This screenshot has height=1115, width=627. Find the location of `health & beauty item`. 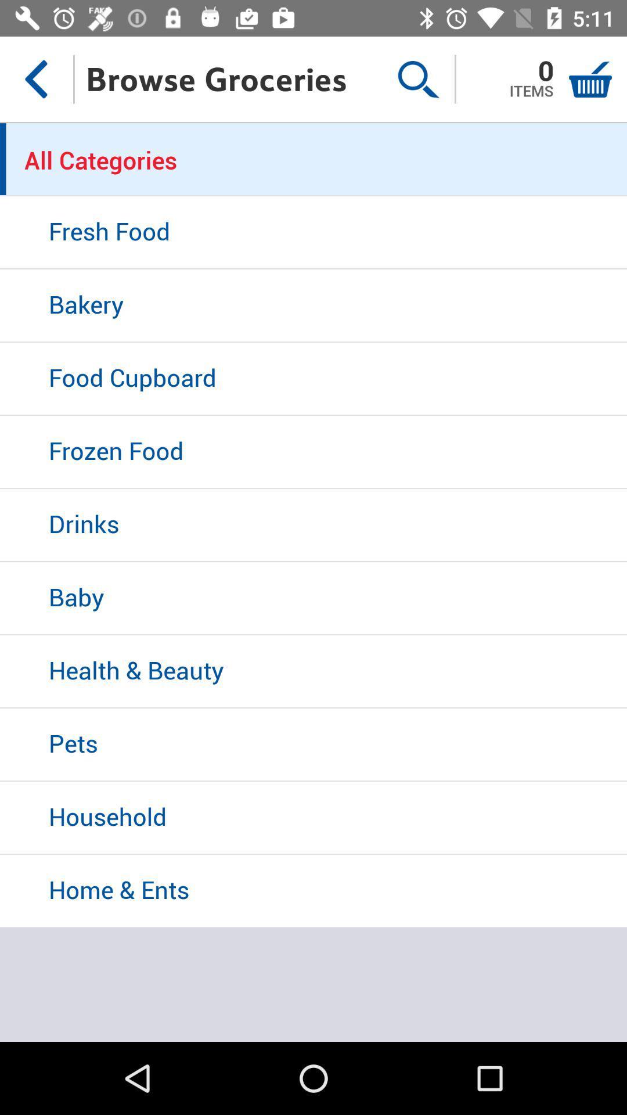

health & beauty item is located at coordinates (313, 672).